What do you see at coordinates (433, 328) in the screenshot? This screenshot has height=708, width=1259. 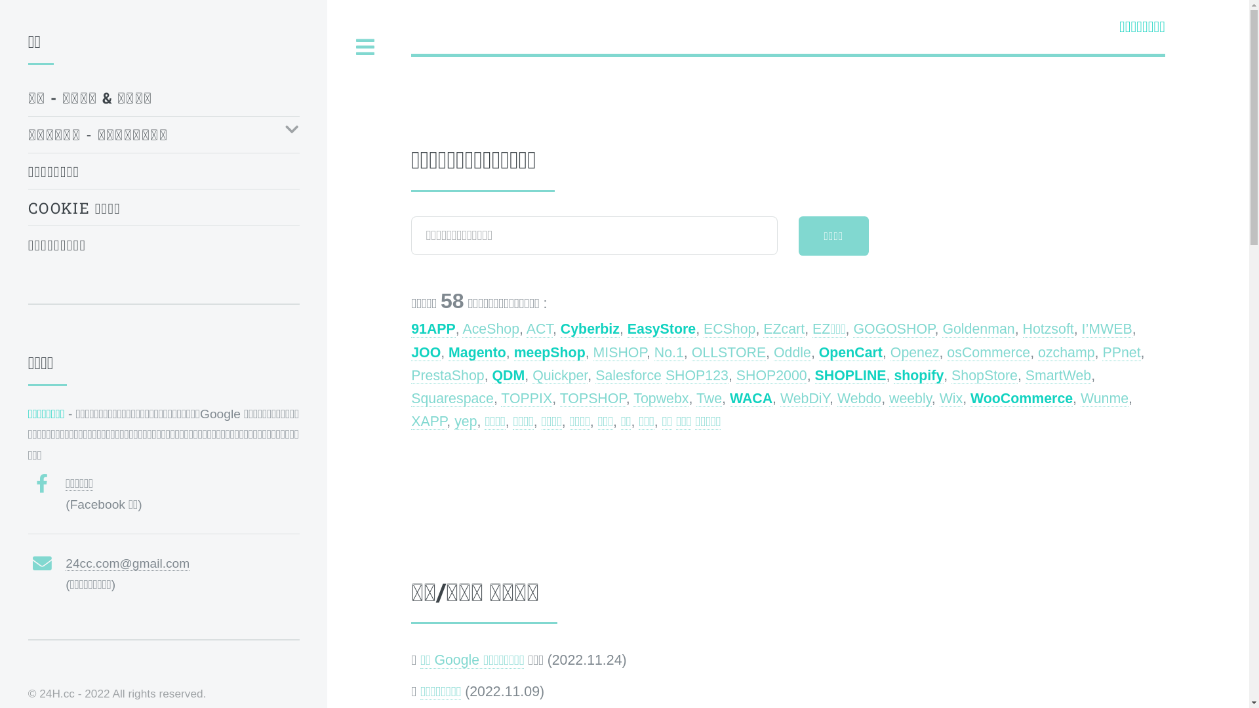 I see `'91APP'` at bounding box center [433, 328].